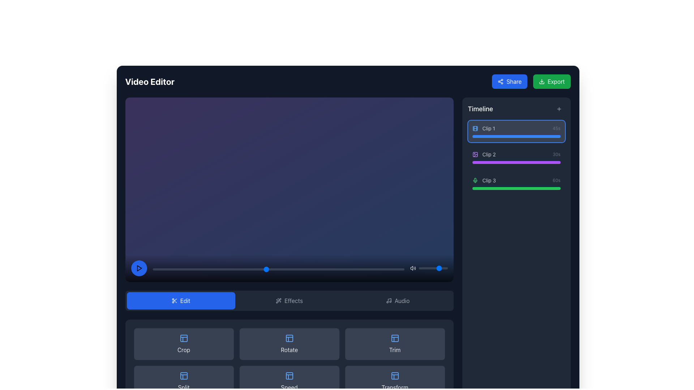  Describe the element at coordinates (420, 268) in the screenshot. I see `the slider value` at that location.